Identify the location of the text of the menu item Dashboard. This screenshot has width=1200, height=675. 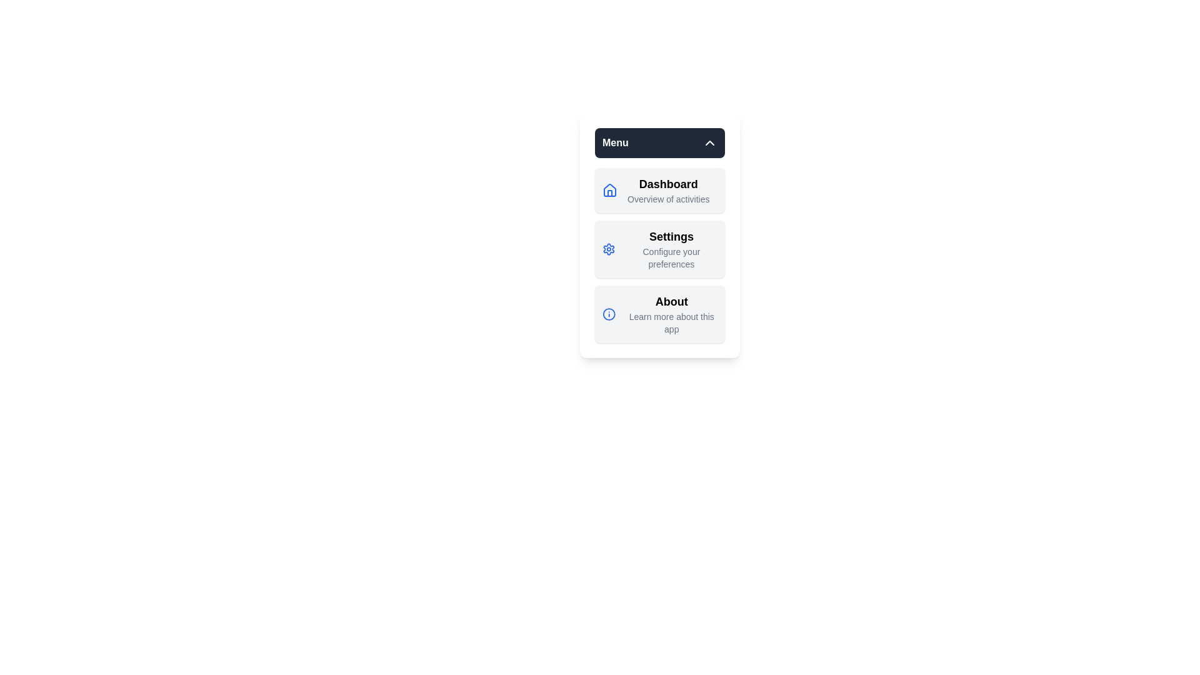
(659, 190).